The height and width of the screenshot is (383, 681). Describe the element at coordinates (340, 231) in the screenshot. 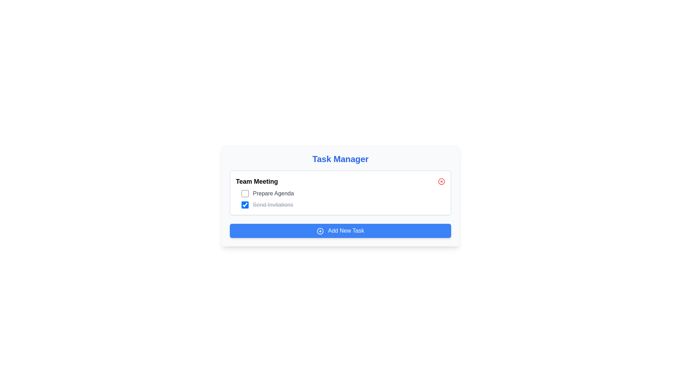

I see `the rectangular blue button with rounded corners and white text that says 'Add New Task'` at that location.